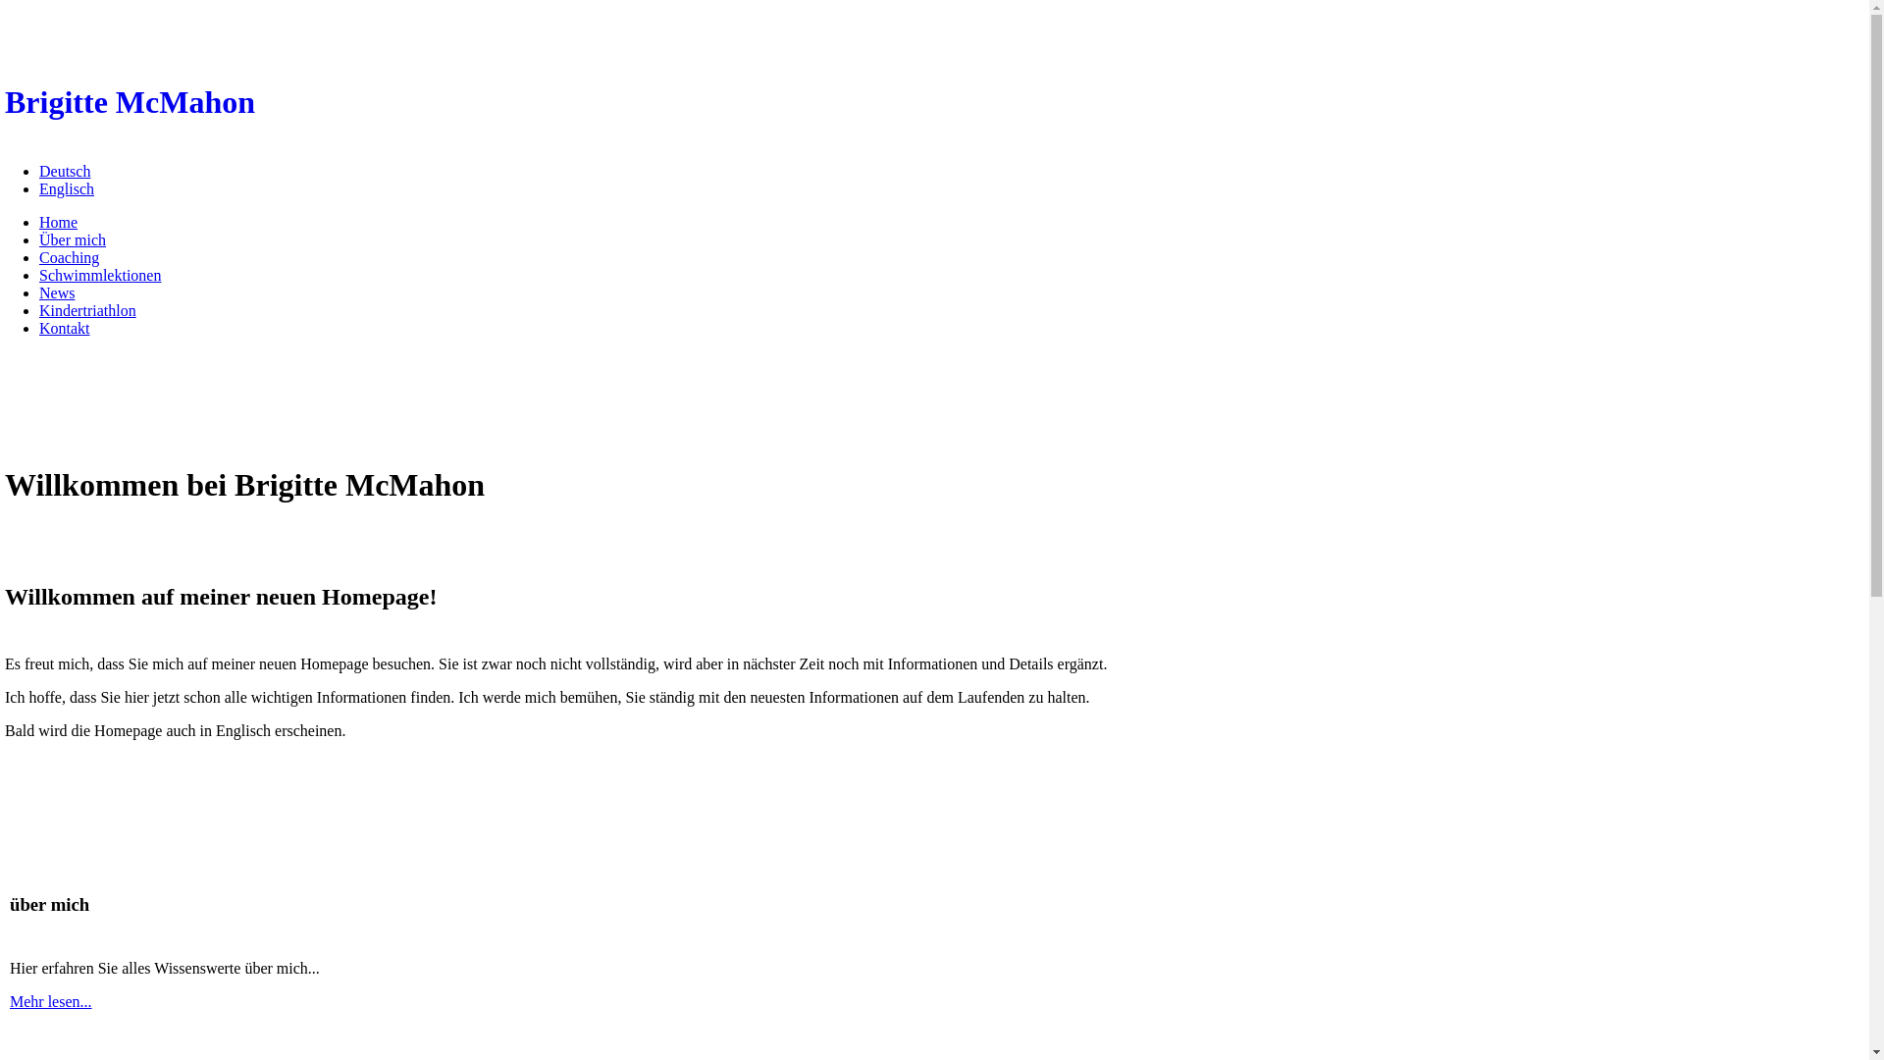  What do you see at coordinates (58, 221) in the screenshot?
I see `'Home'` at bounding box center [58, 221].